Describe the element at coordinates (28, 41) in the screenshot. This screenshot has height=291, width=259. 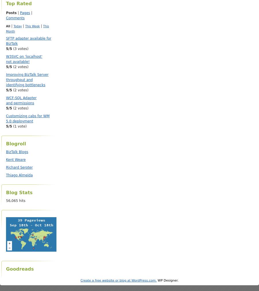
I see `'SFTP adapter available for BizTalk'` at that location.